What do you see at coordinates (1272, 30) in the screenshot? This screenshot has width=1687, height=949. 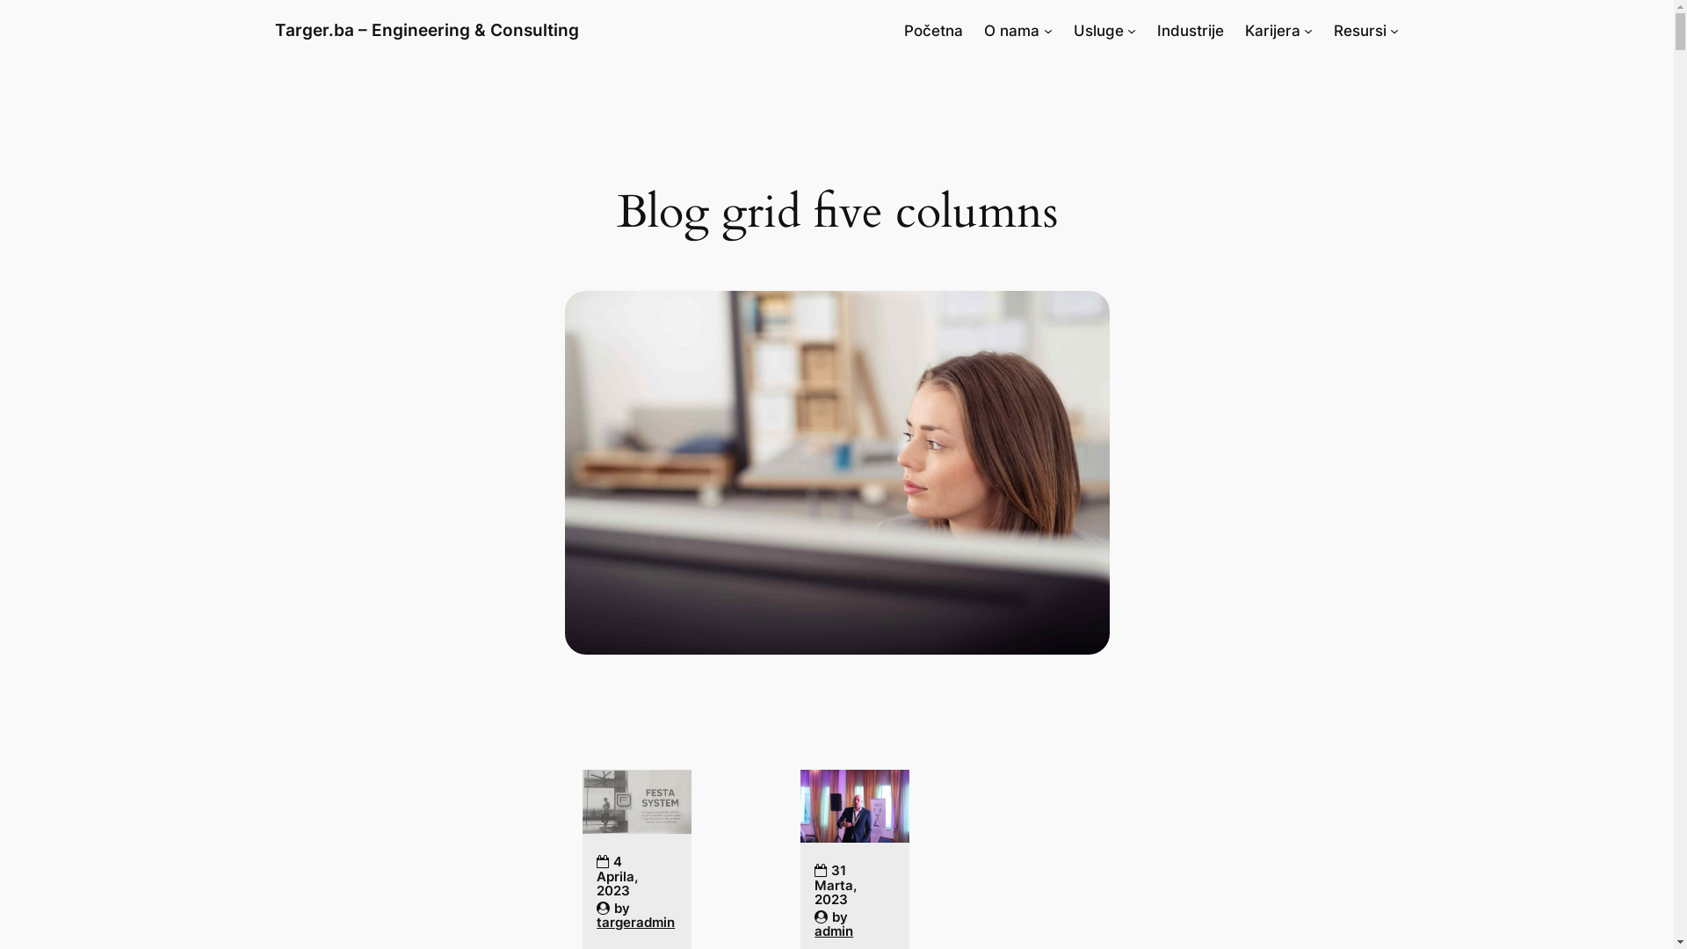 I see `'Karijera'` at bounding box center [1272, 30].